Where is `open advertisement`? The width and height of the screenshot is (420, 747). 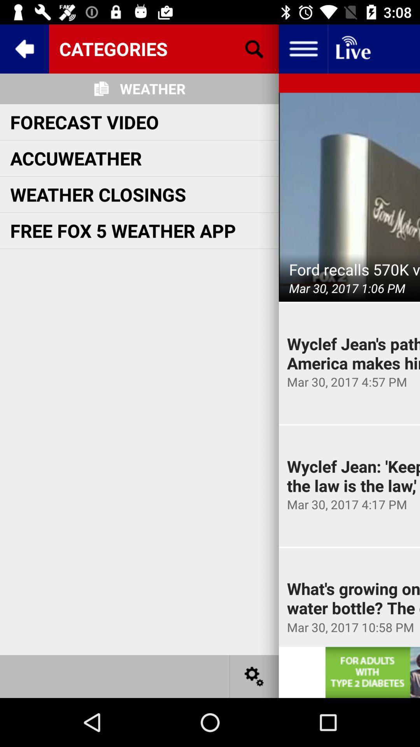 open advertisement is located at coordinates (372, 672).